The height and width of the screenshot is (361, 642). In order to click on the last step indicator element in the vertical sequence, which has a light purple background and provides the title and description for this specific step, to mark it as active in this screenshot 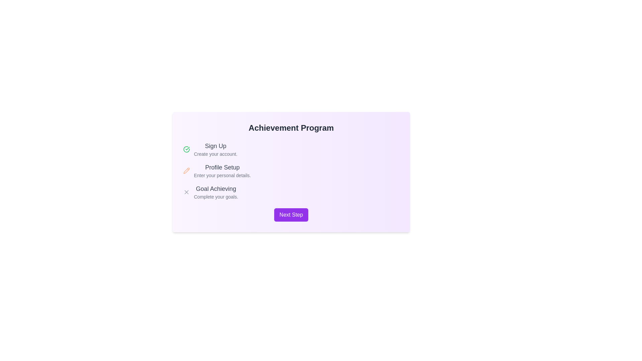, I will do `click(216, 192)`.